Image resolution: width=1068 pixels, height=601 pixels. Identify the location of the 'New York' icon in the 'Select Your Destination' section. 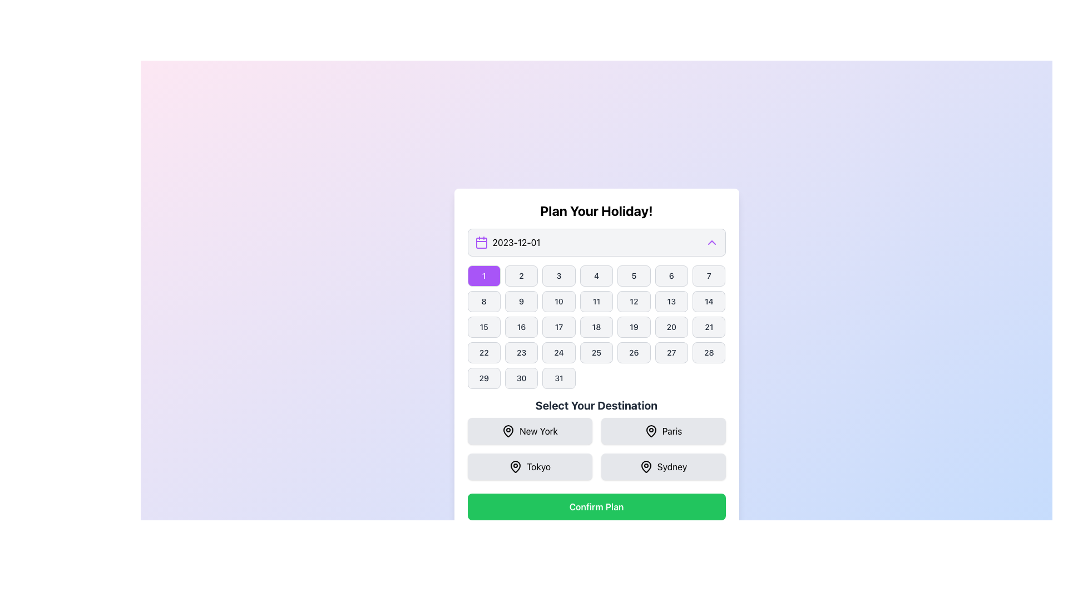
(508, 431).